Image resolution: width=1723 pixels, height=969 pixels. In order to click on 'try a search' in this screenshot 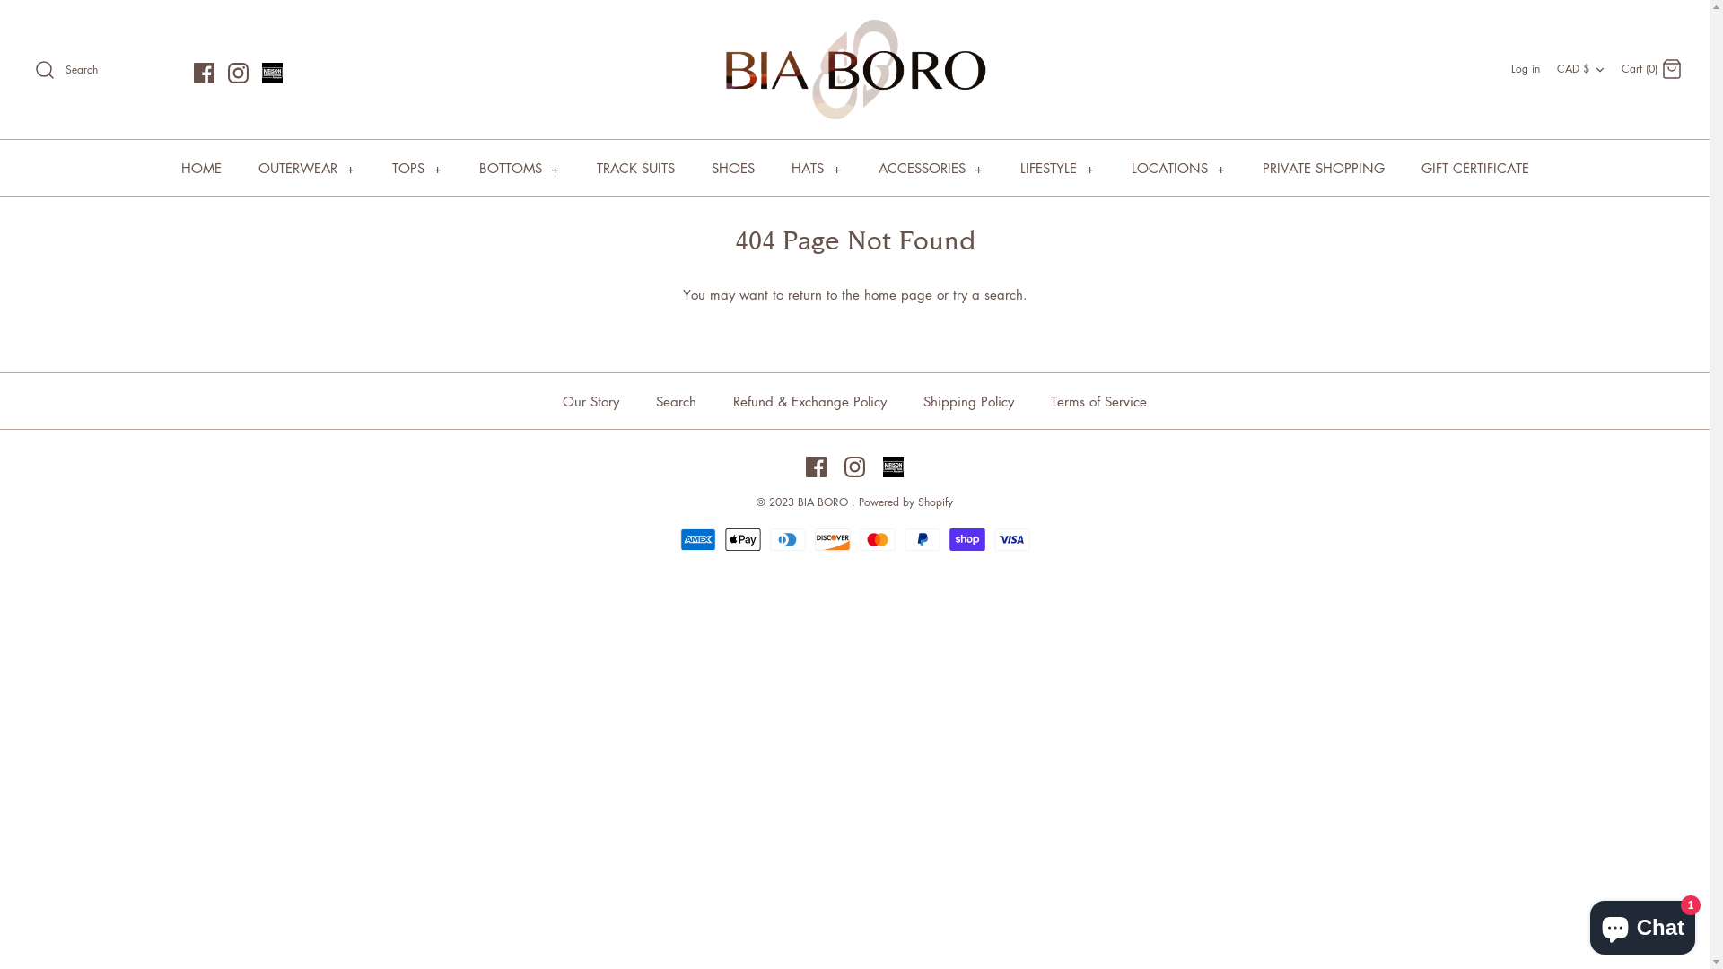, I will do `click(986, 292)`.